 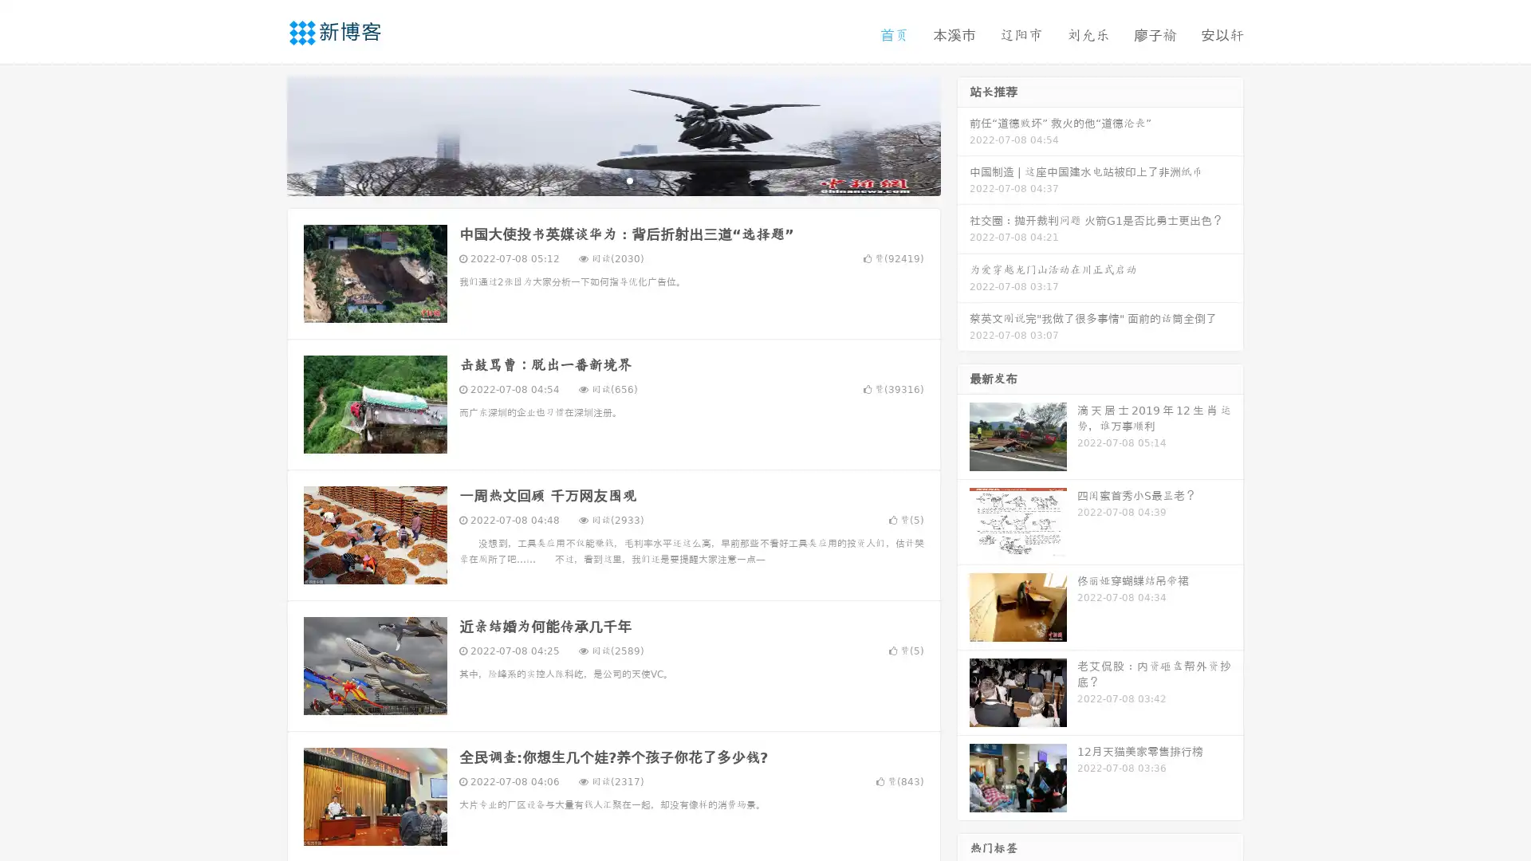 I want to click on Go to slide 2, so click(x=612, y=179).